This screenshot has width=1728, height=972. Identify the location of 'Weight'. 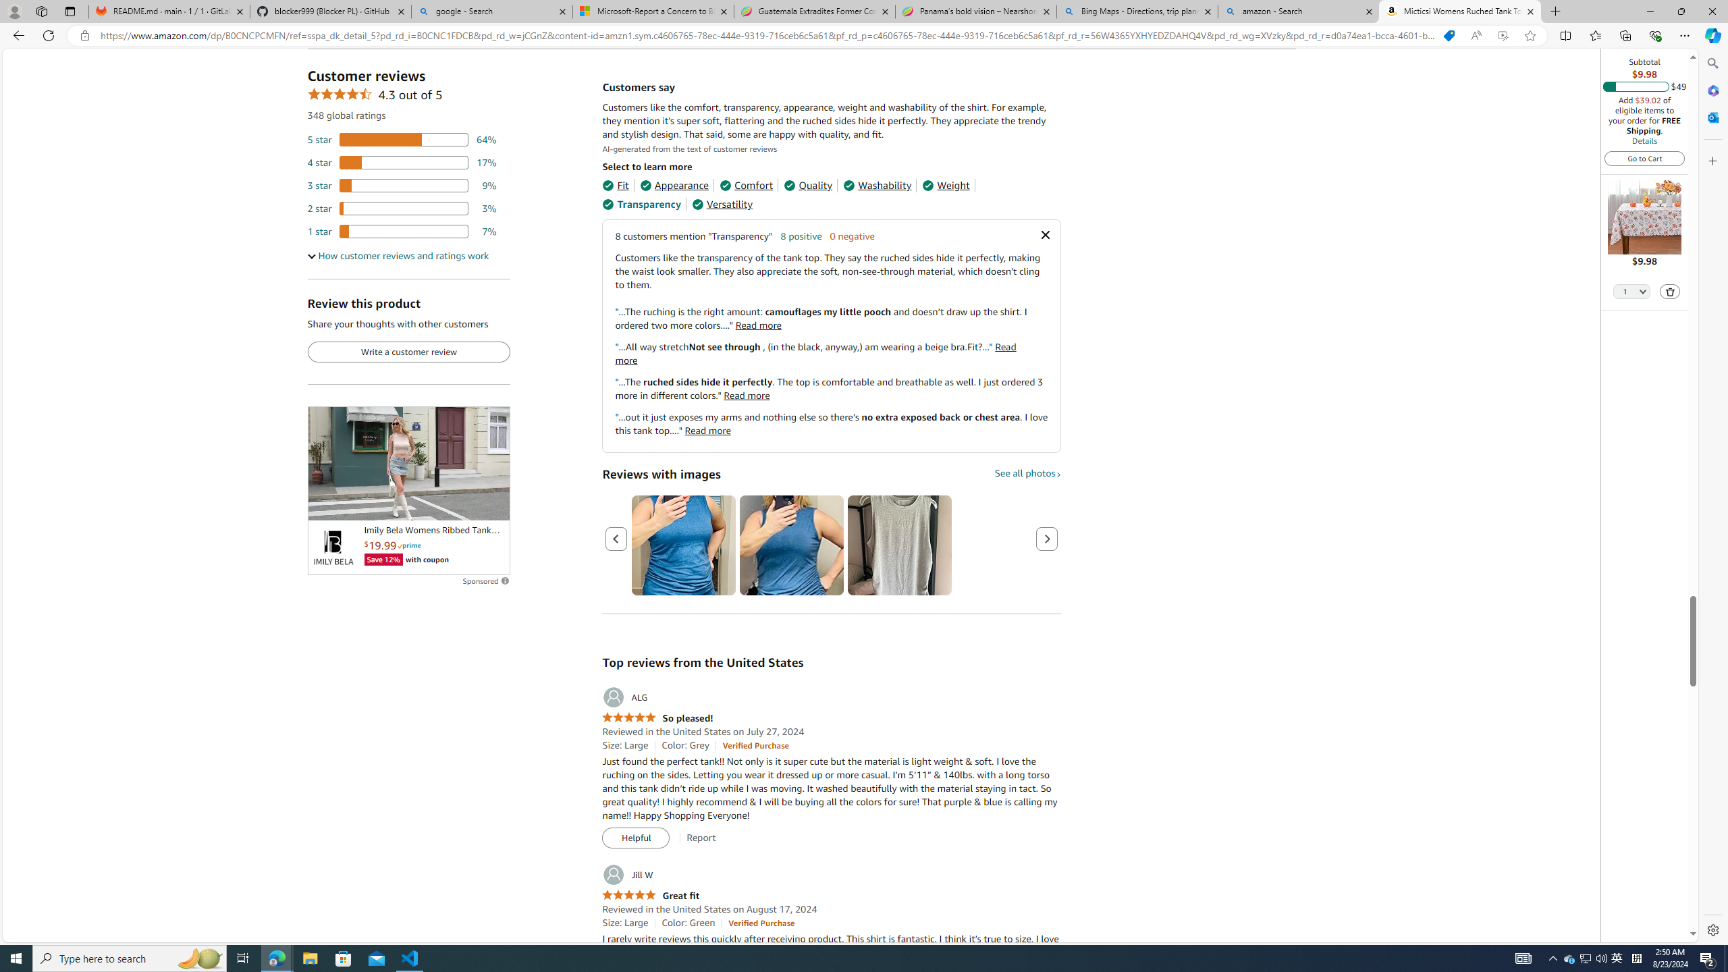
(946, 186).